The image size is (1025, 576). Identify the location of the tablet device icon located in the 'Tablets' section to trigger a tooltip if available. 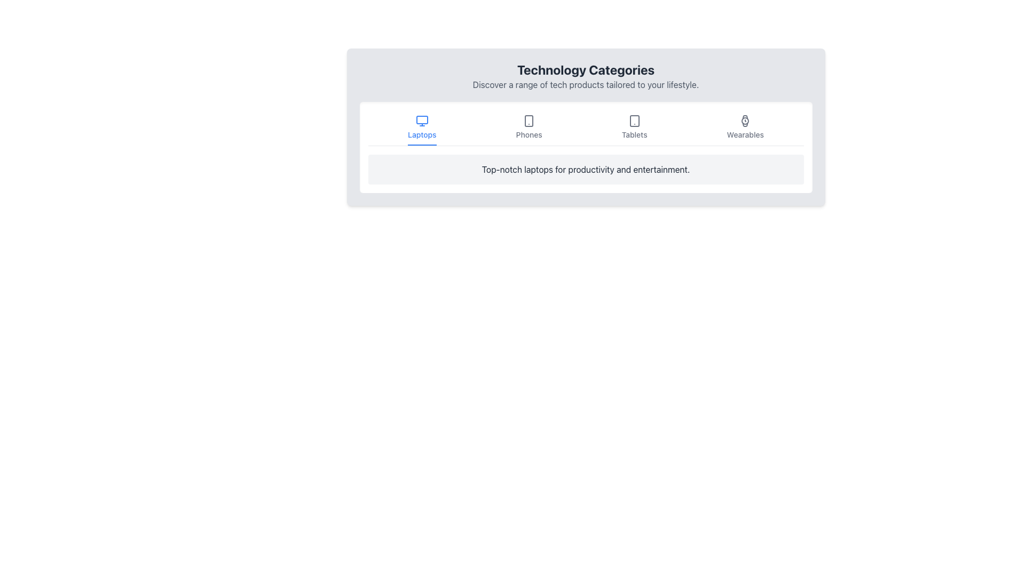
(634, 121).